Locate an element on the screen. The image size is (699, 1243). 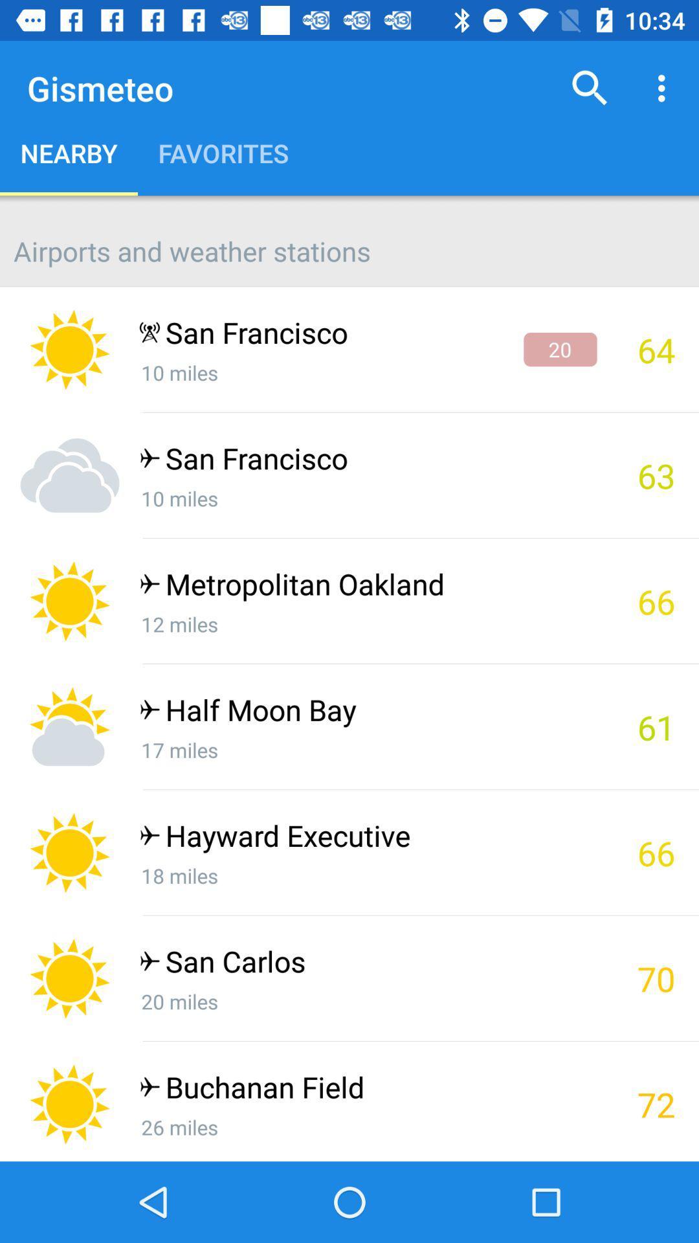
the hayward executive item is located at coordinates (368, 838).